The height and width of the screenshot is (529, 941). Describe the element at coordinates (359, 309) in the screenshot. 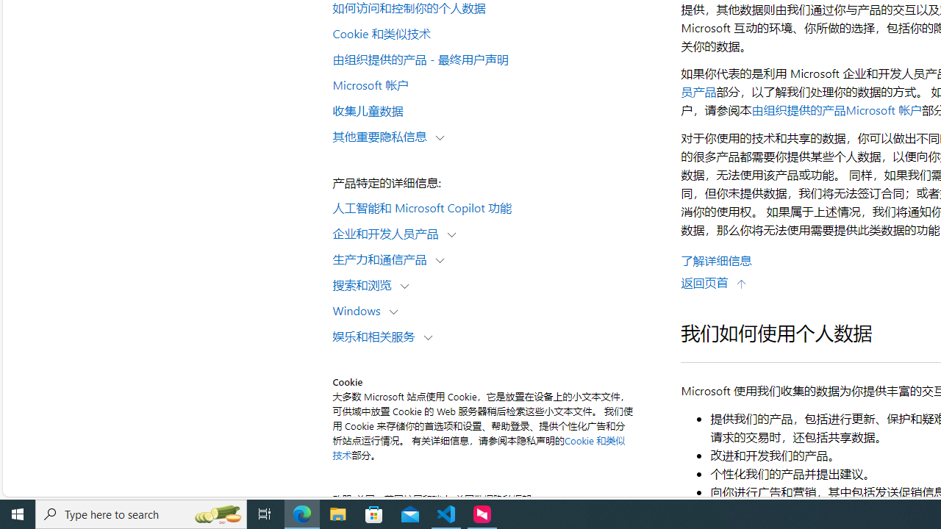

I see `'Windows'` at that location.